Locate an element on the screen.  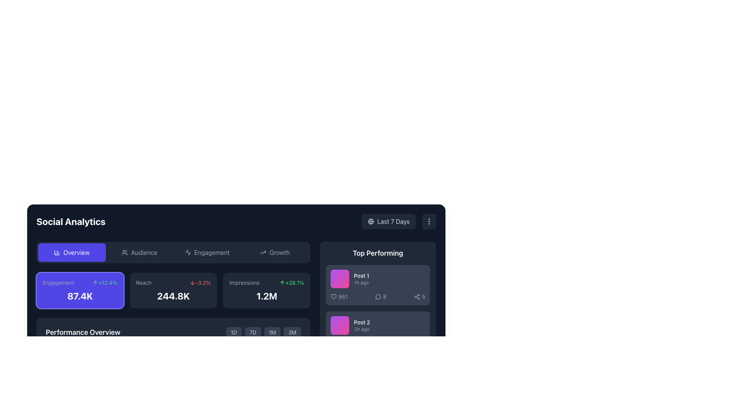
the 'Overview' text label within the blue button is located at coordinates (76, 253).